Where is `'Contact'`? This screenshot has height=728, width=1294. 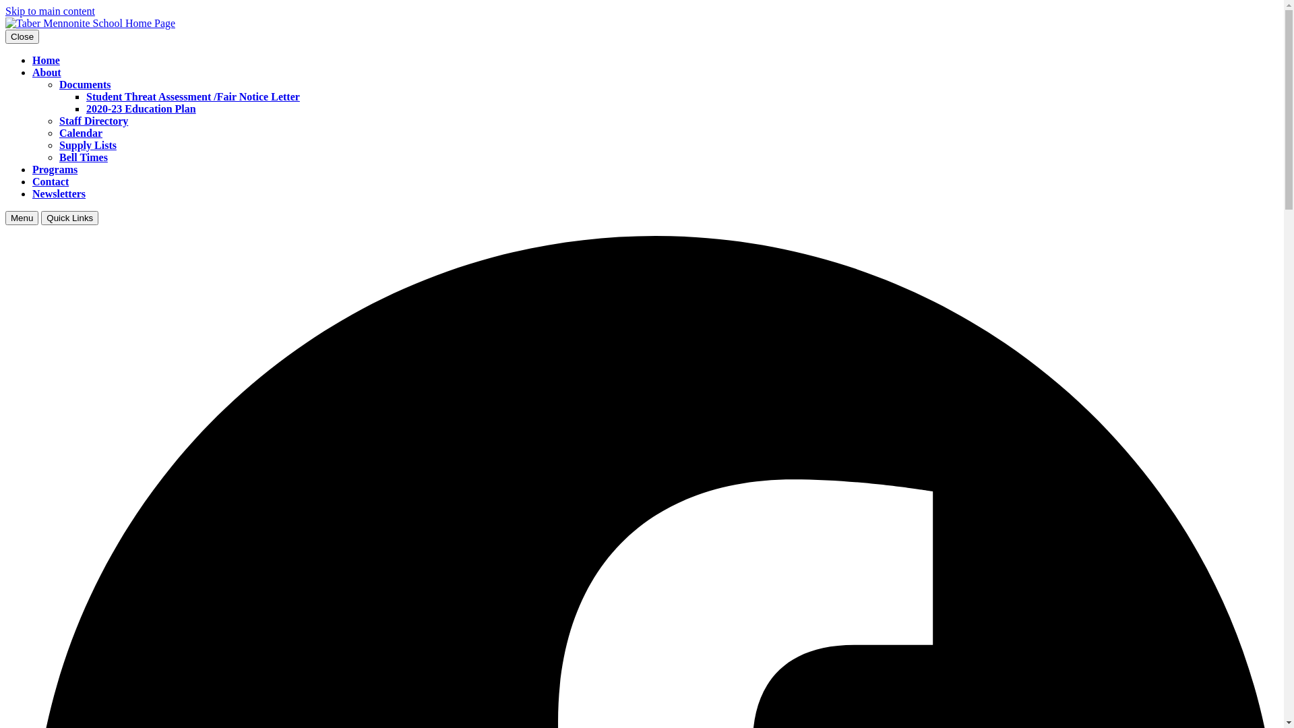
'Contact' is located at coordinates (51, 181).